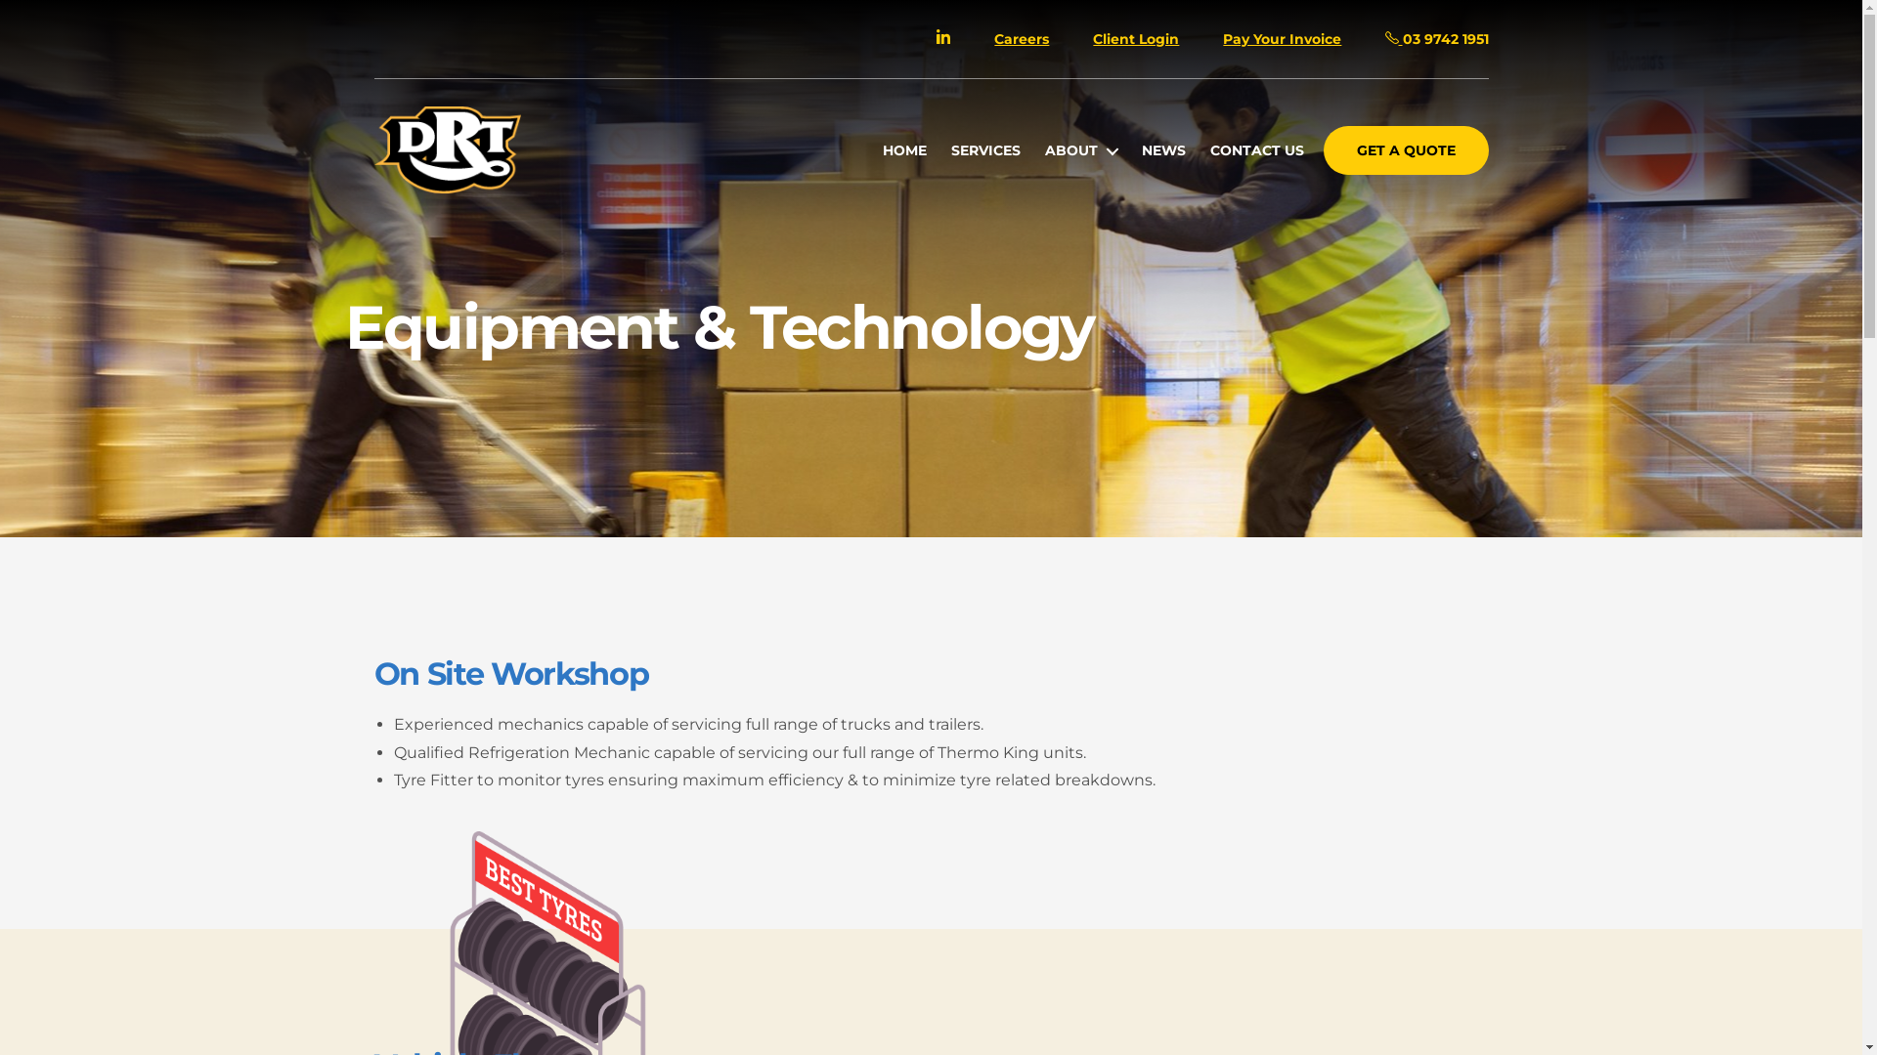 This screenshot has height=1055, width=1877. I want to click on 'Careers', so click(1021, 38).